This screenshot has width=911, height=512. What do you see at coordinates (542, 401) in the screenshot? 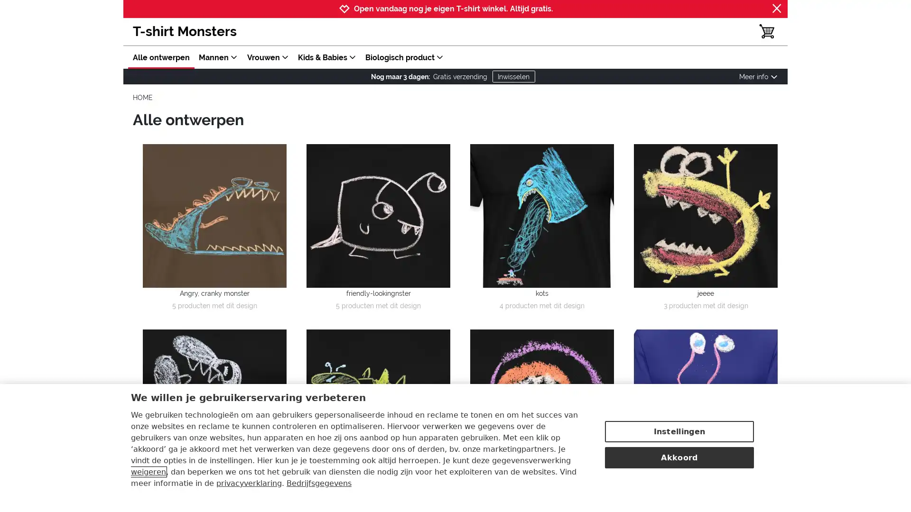
I see `mouth with feet - Mannen Premium T-shirt` at bounding box center [542, 401].